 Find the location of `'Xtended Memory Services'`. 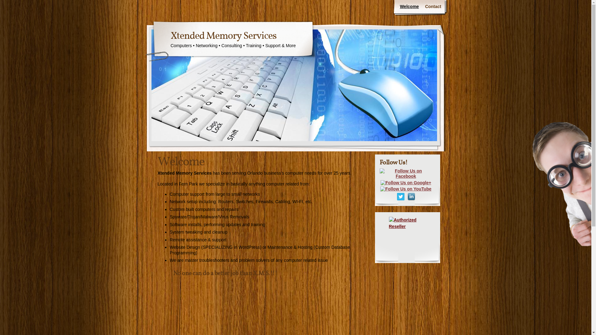

'Xtended Memory Services' is located at coordinates (223, 36).